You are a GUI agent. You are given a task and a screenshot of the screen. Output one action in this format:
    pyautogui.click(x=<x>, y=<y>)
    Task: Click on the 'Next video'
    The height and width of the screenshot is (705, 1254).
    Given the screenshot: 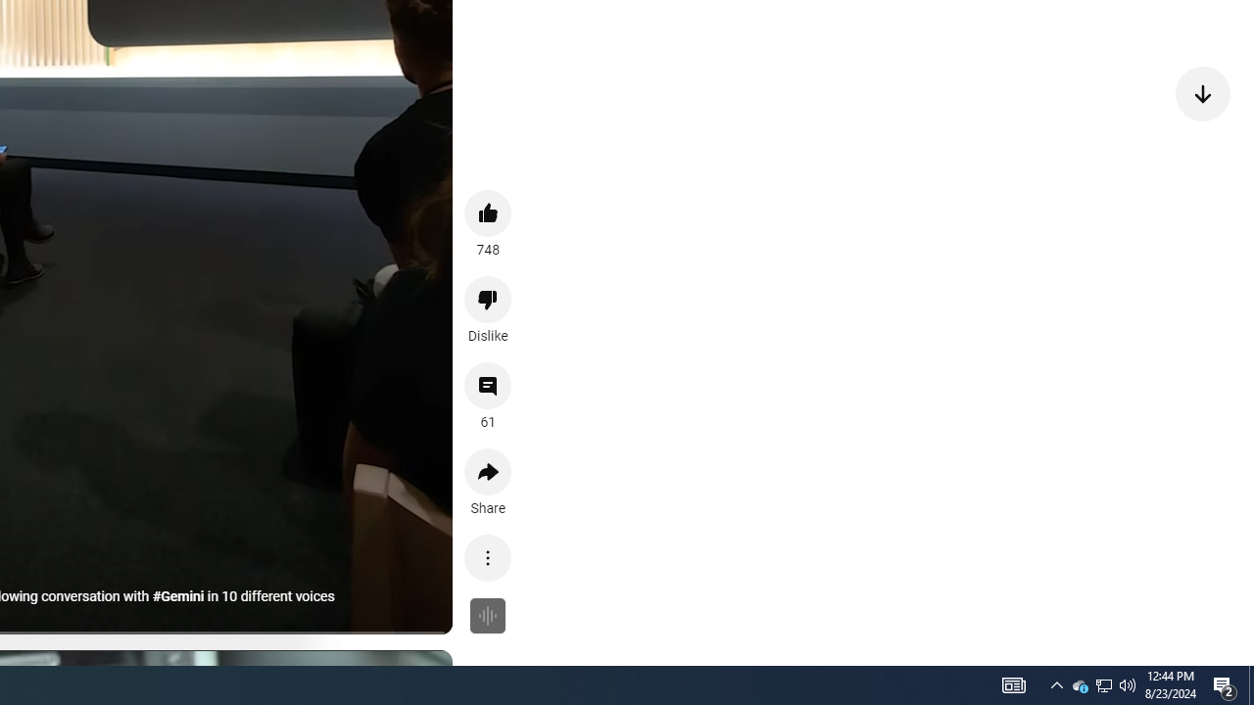 What is the action you would take?
    pyautogui.click(x=1202, y=93)
    